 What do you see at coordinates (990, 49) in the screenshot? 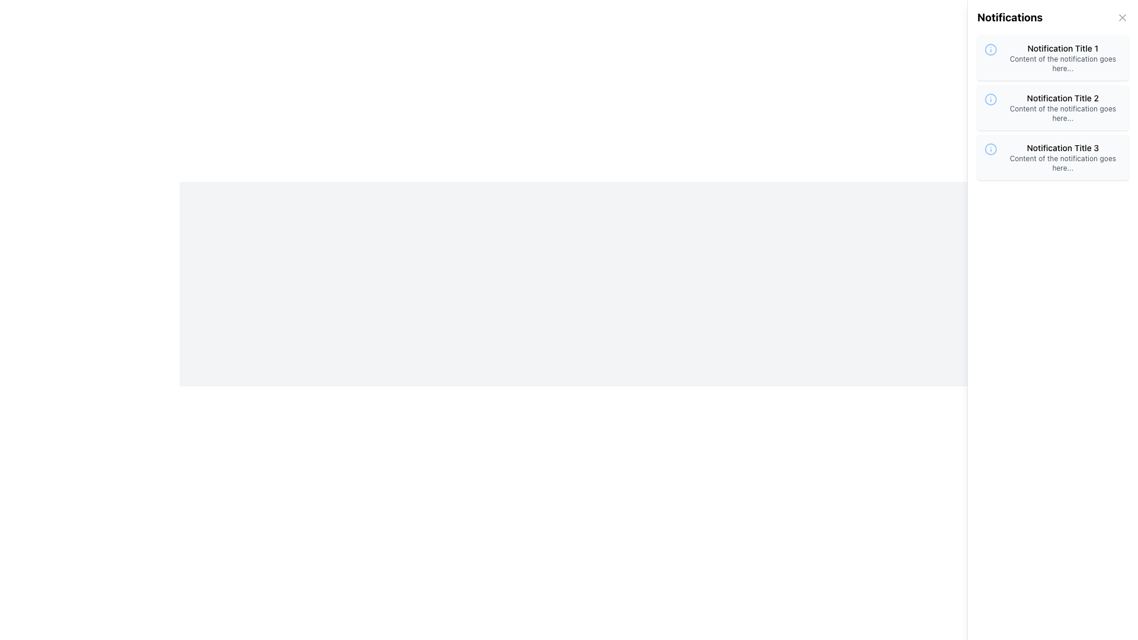
I see `the visual representation of the decorative vector graphic circle in the SVG, located at the top-left corner of the notification icon adjacent to the first notification item` at bounding box center [990, 49].